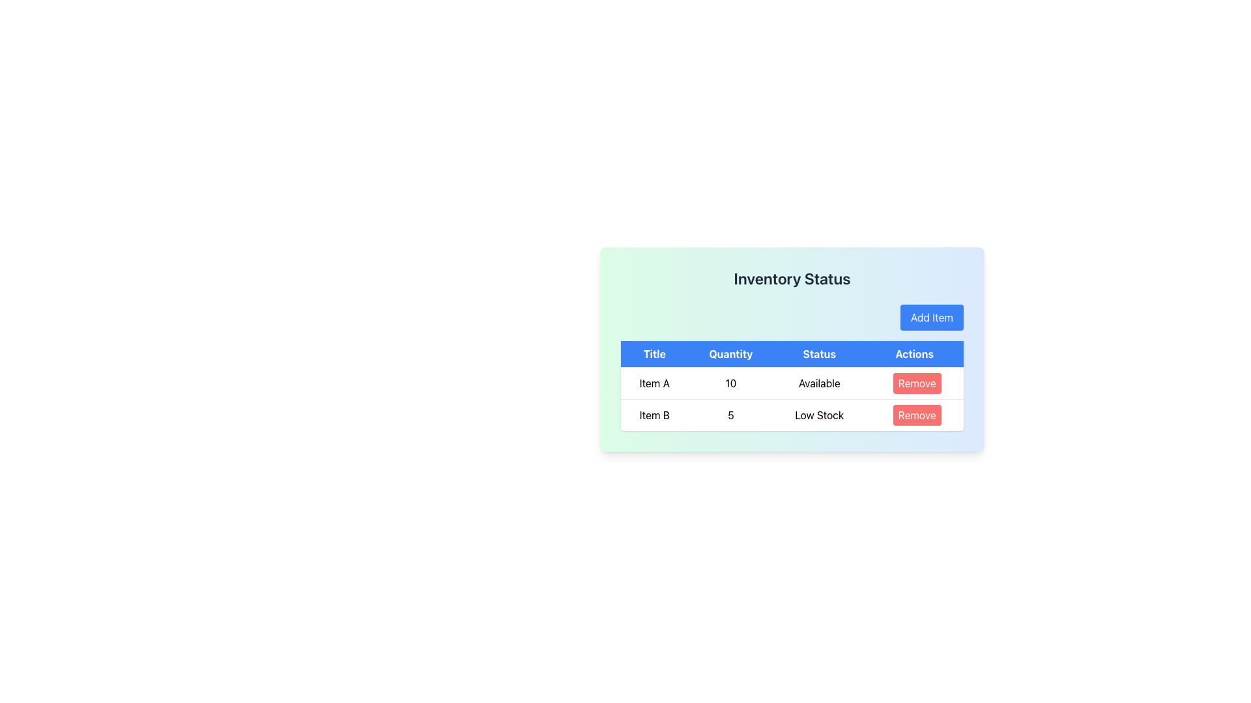  Describe the element at coordinates (818, 383) in the screenshot. I see `text label that says 'Available' located in the 'Status' column of the first row in the table under 'Inventory Status'` at that location.